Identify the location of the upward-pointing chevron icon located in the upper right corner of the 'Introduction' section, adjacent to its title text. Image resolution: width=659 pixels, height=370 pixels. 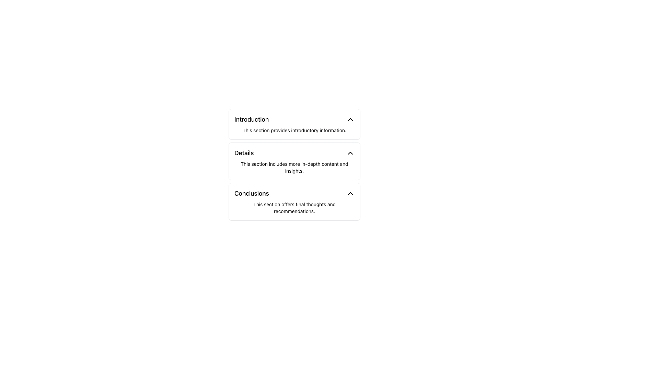
(350, 119).